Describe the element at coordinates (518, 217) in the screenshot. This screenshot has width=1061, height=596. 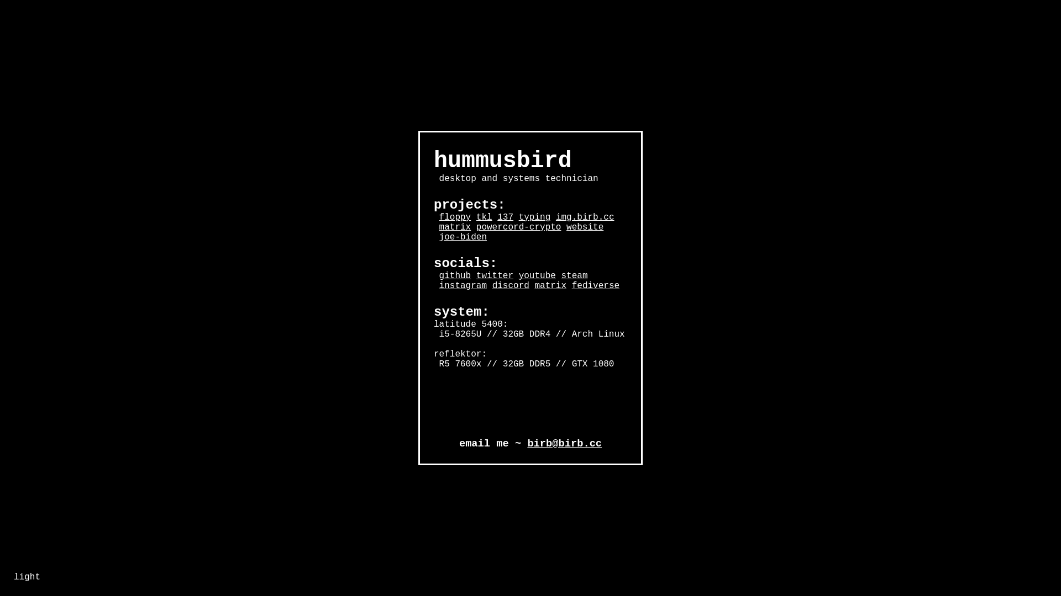
I see `'typing'` at that location.